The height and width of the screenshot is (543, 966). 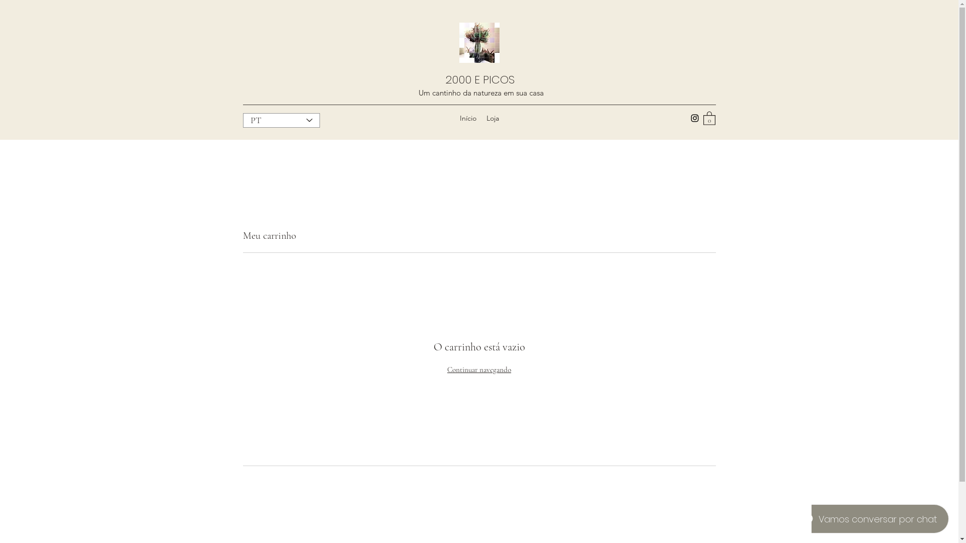 I want to click on '0', so click(x=709, y=117).